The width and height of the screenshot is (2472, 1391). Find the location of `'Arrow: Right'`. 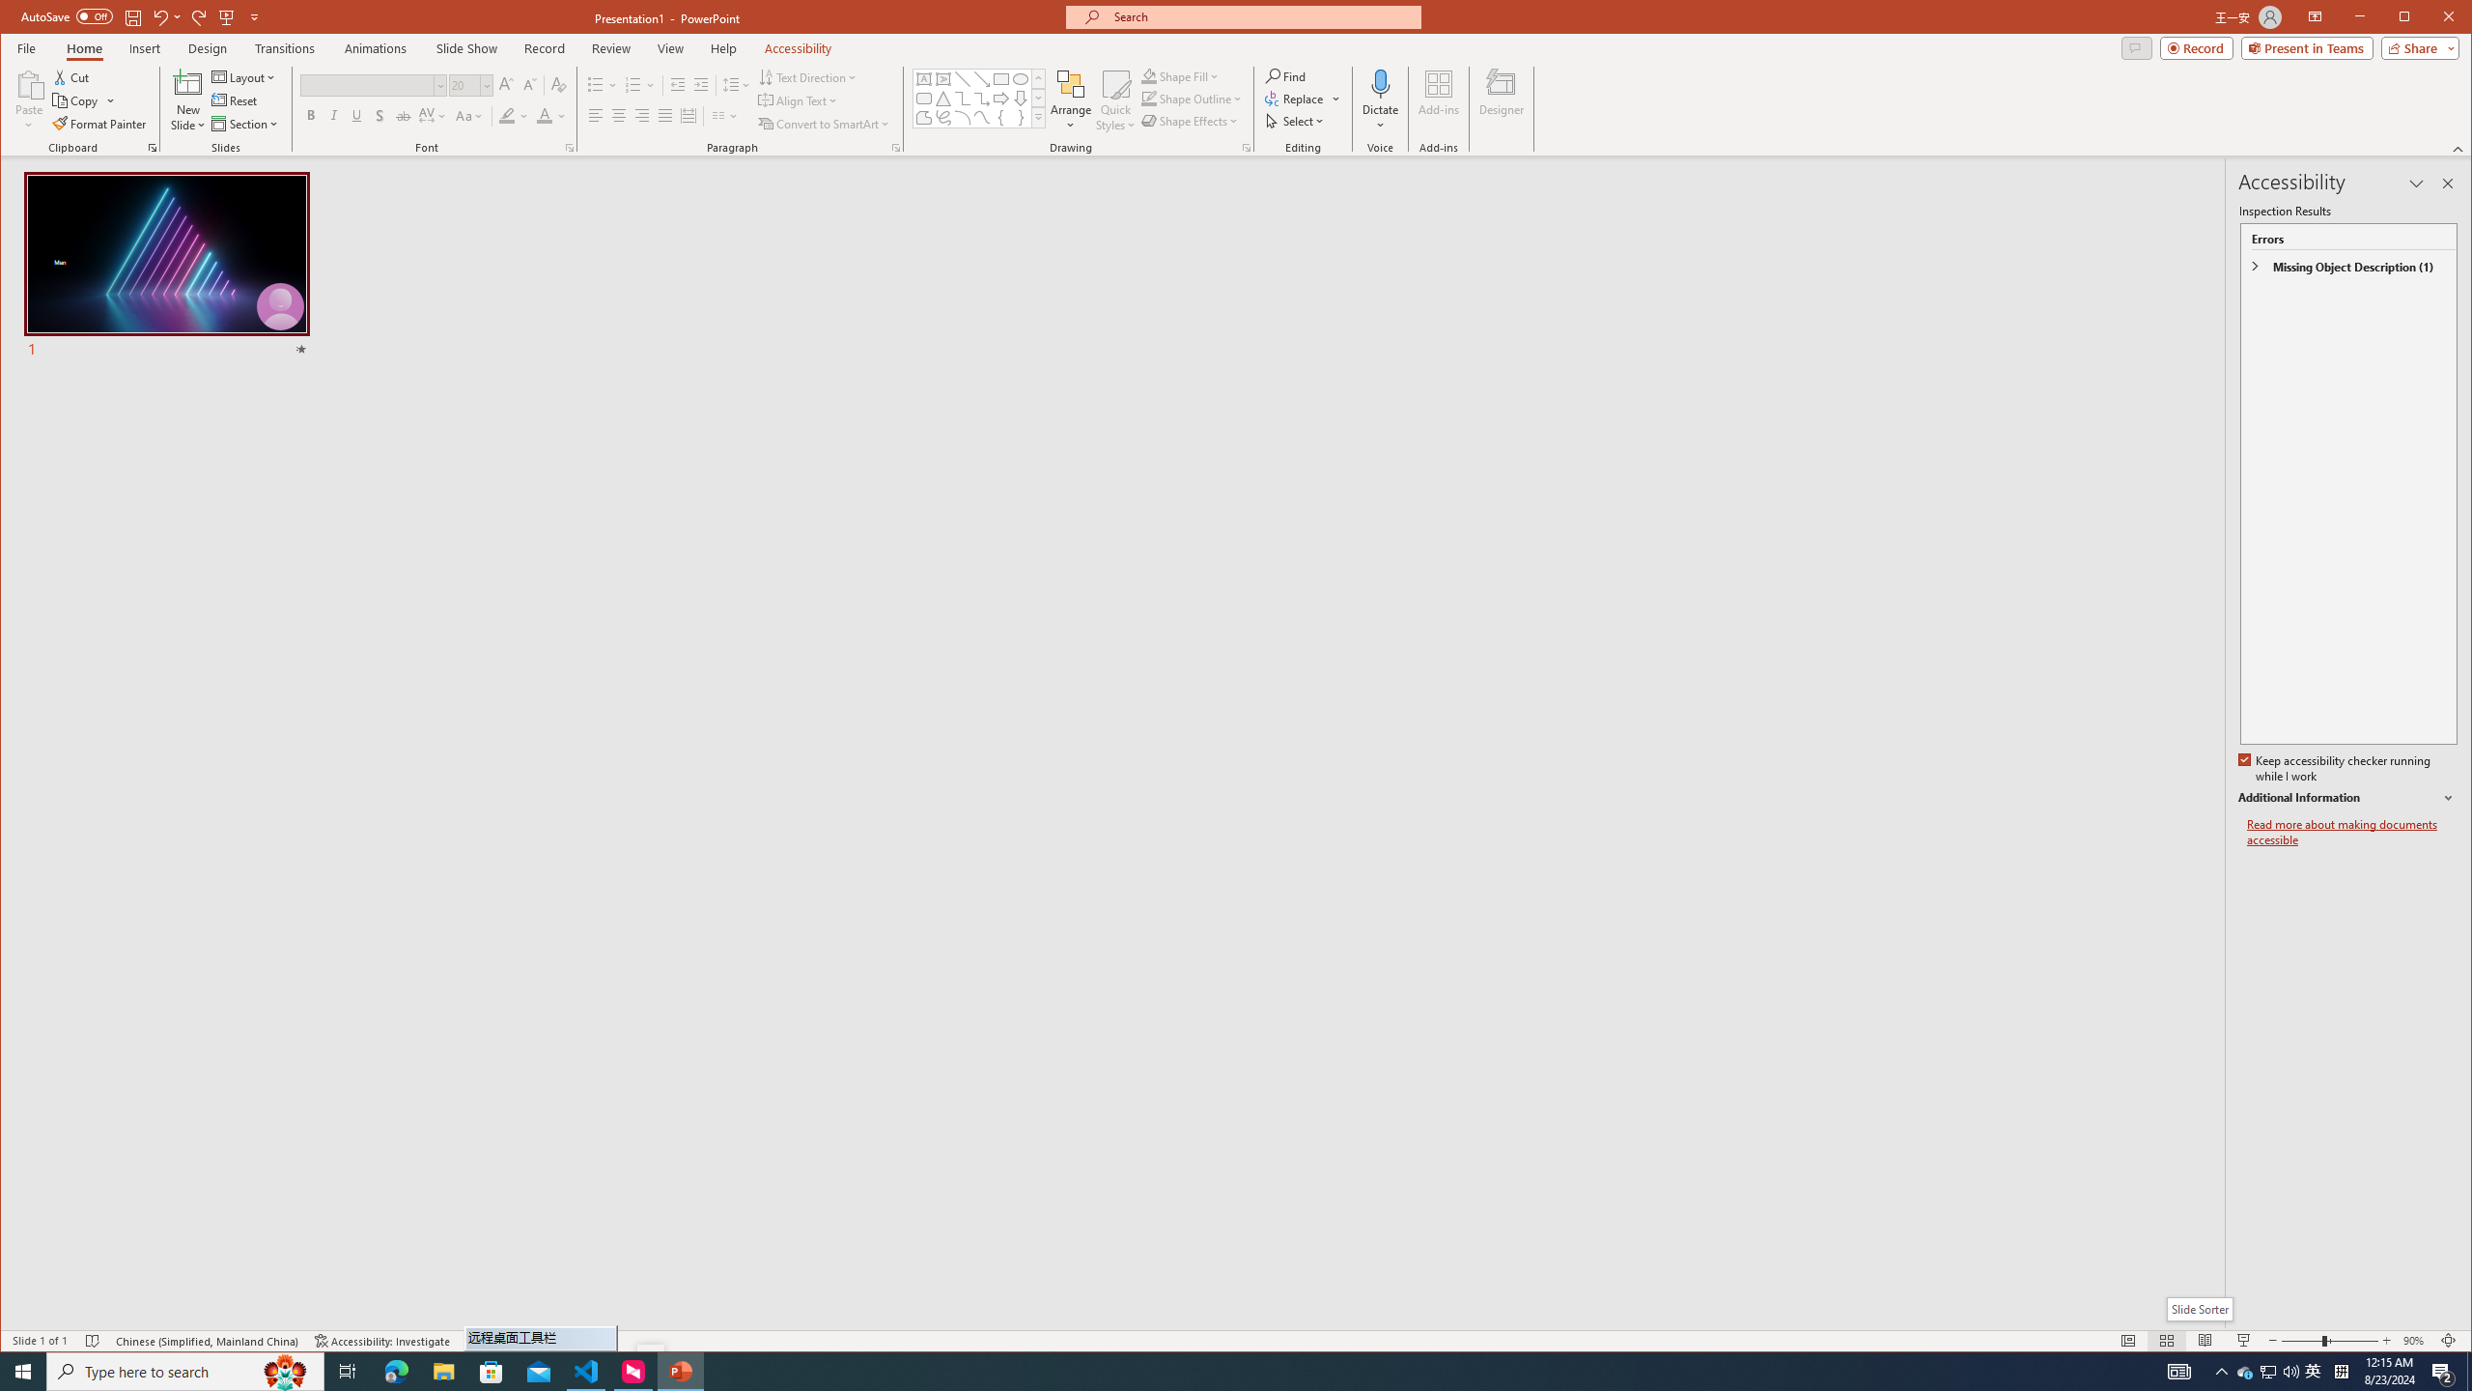

'Arrow: Right' is located at coordinates (999, 99).